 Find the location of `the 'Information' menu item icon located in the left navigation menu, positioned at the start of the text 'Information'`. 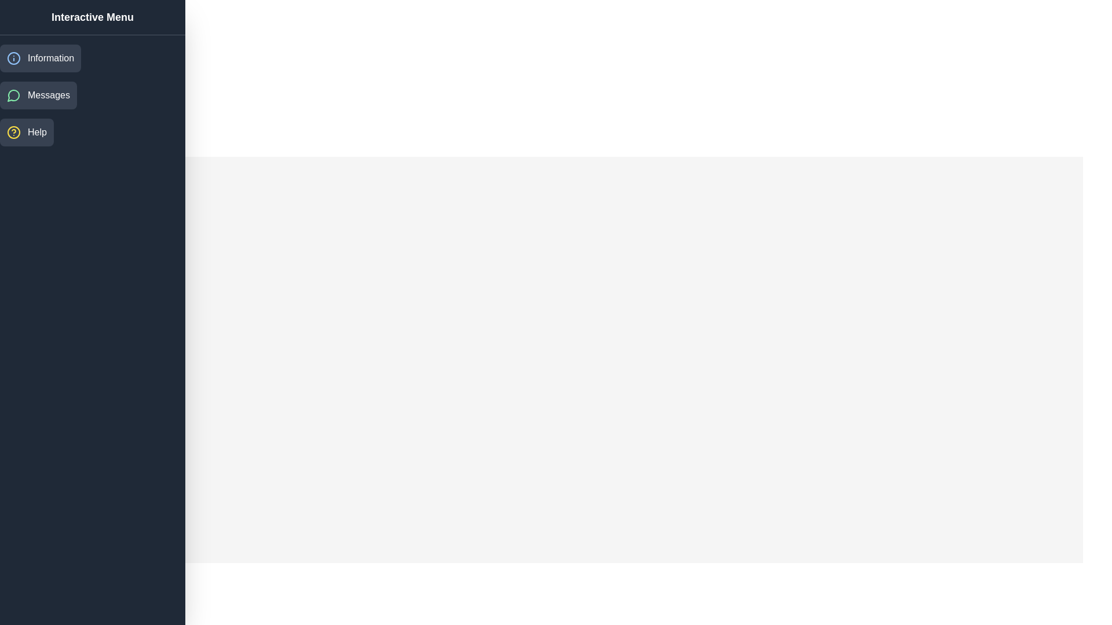

the 'Information' menu item icon located in the left navigation menu, positioned at the start of the text 'Information' is located at coordinates (14, 58).